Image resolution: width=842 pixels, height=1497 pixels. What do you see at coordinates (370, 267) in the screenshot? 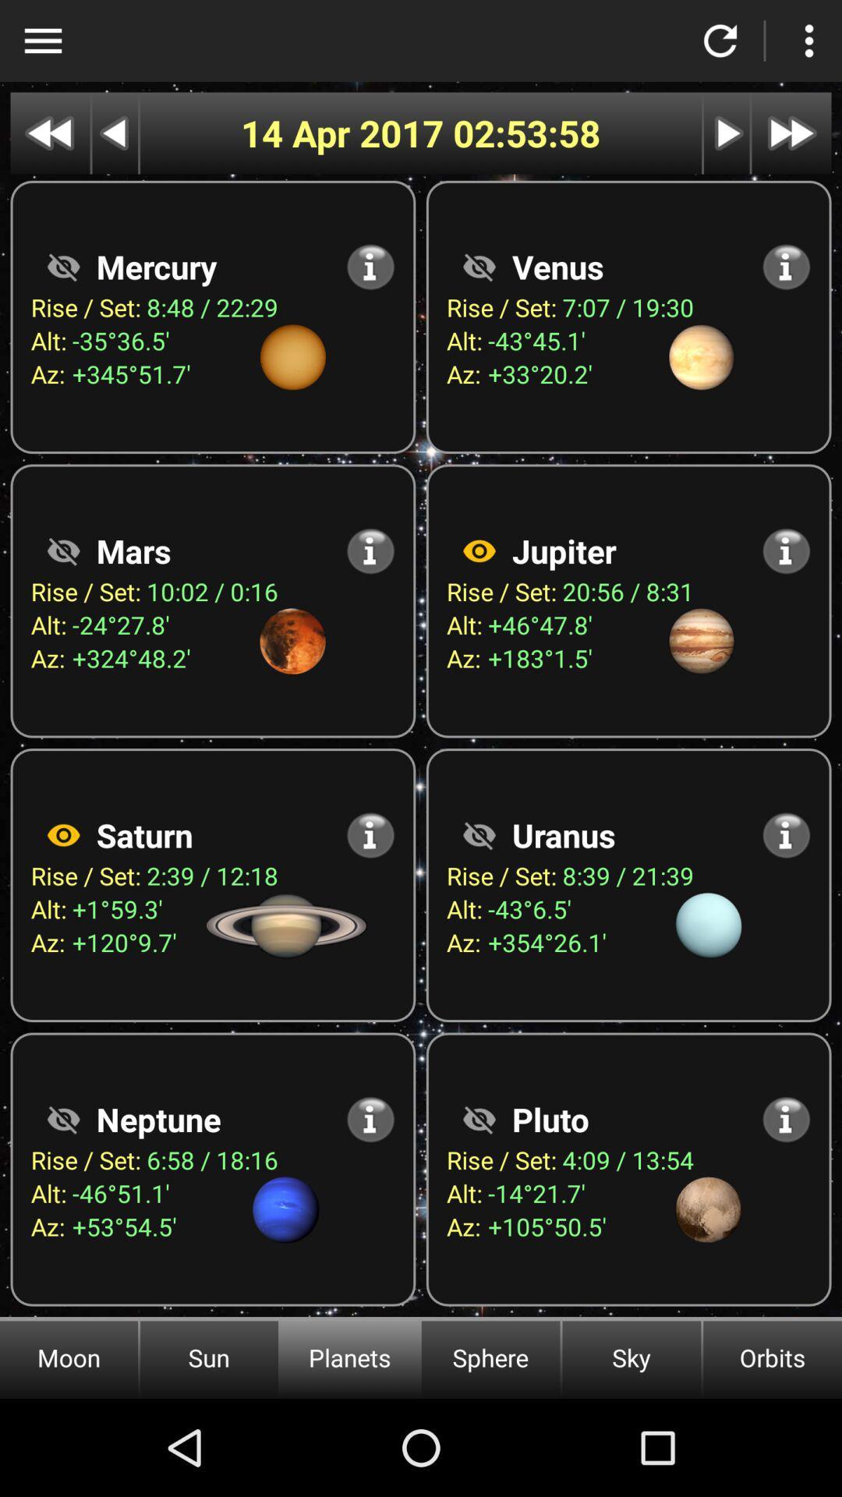
I see `the info icon` at bounding box center [370, 267].